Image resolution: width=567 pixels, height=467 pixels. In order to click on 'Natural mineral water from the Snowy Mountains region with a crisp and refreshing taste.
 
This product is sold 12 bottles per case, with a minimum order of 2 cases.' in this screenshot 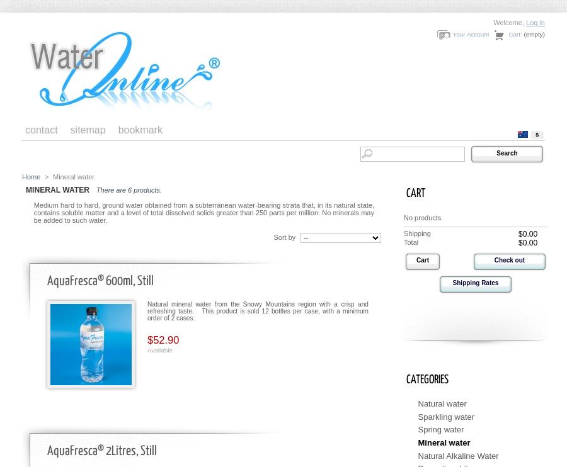, I will do `click(258, 310)`.